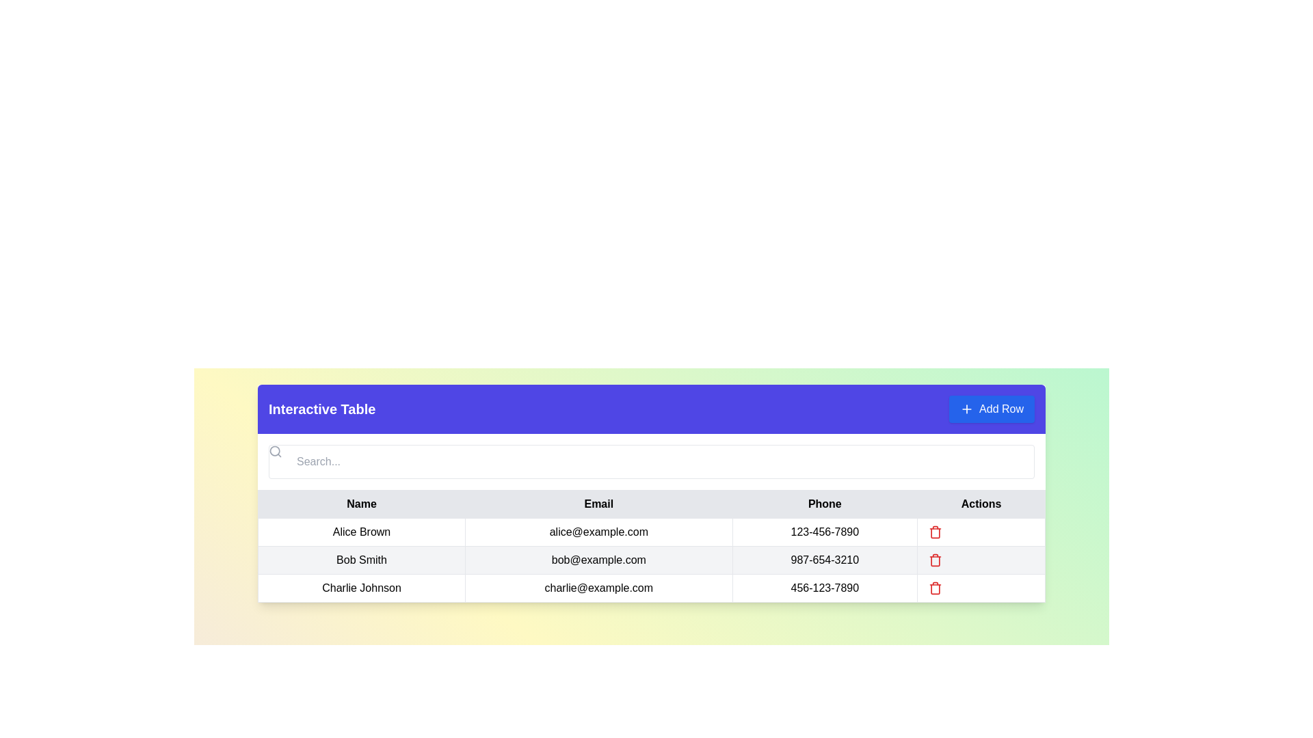 Image resolution: width=1313 pixels, height=738 pixels. Describe the element at coordinates (598, 504) in the screenshot. I see `the 'Email' column header in the table to focus on it` at that location.